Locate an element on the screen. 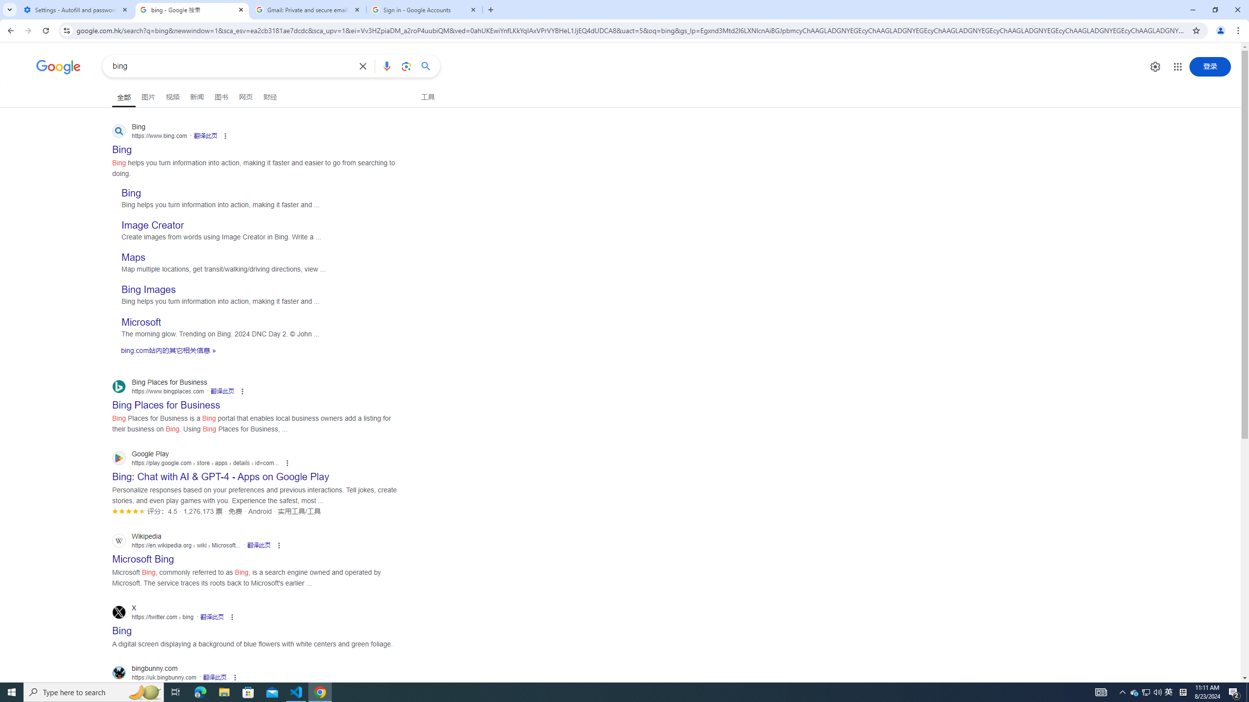 This screenshot has height=702, width=1249. 'Image Creator' is located at coordinates (152, 225).